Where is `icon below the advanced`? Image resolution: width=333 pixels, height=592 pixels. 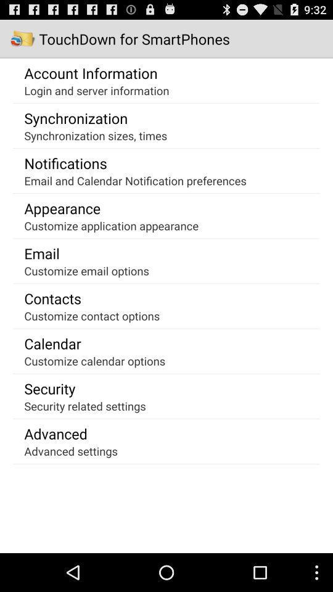 icon below the advanced is located at coordinates (71, 450).